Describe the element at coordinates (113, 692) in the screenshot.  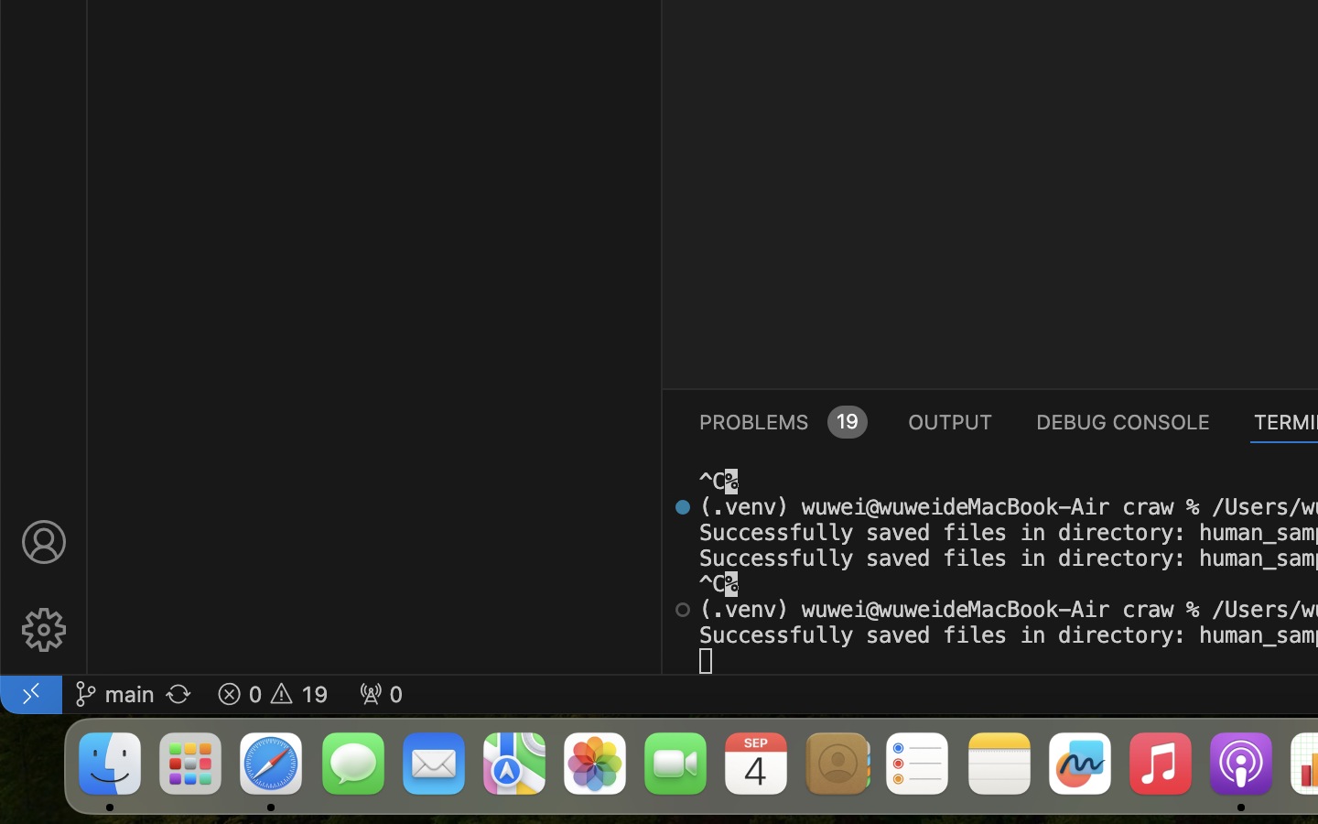
I see `'main '` at that location.